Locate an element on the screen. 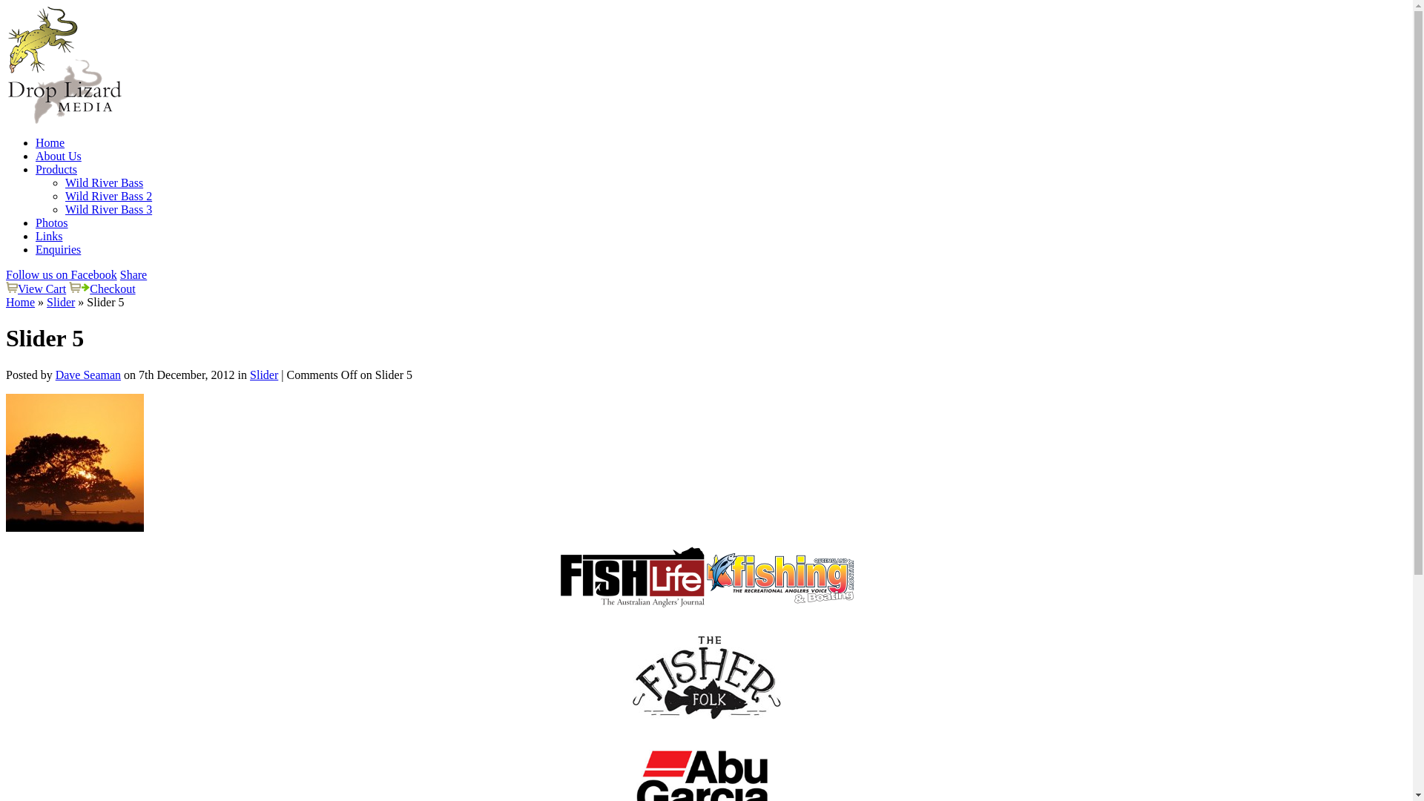 The image size is (1424, 801). 'Follow us on Facebook' is located at coordinates (60, 274).